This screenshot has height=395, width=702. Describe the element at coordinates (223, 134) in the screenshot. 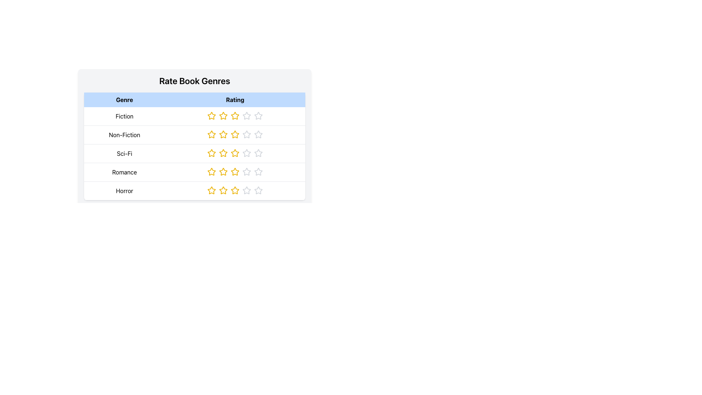

I see `the second star in the 'Rating' column of the ratings table for the 'Non-Fiction' genre to provide a rating` at that location.